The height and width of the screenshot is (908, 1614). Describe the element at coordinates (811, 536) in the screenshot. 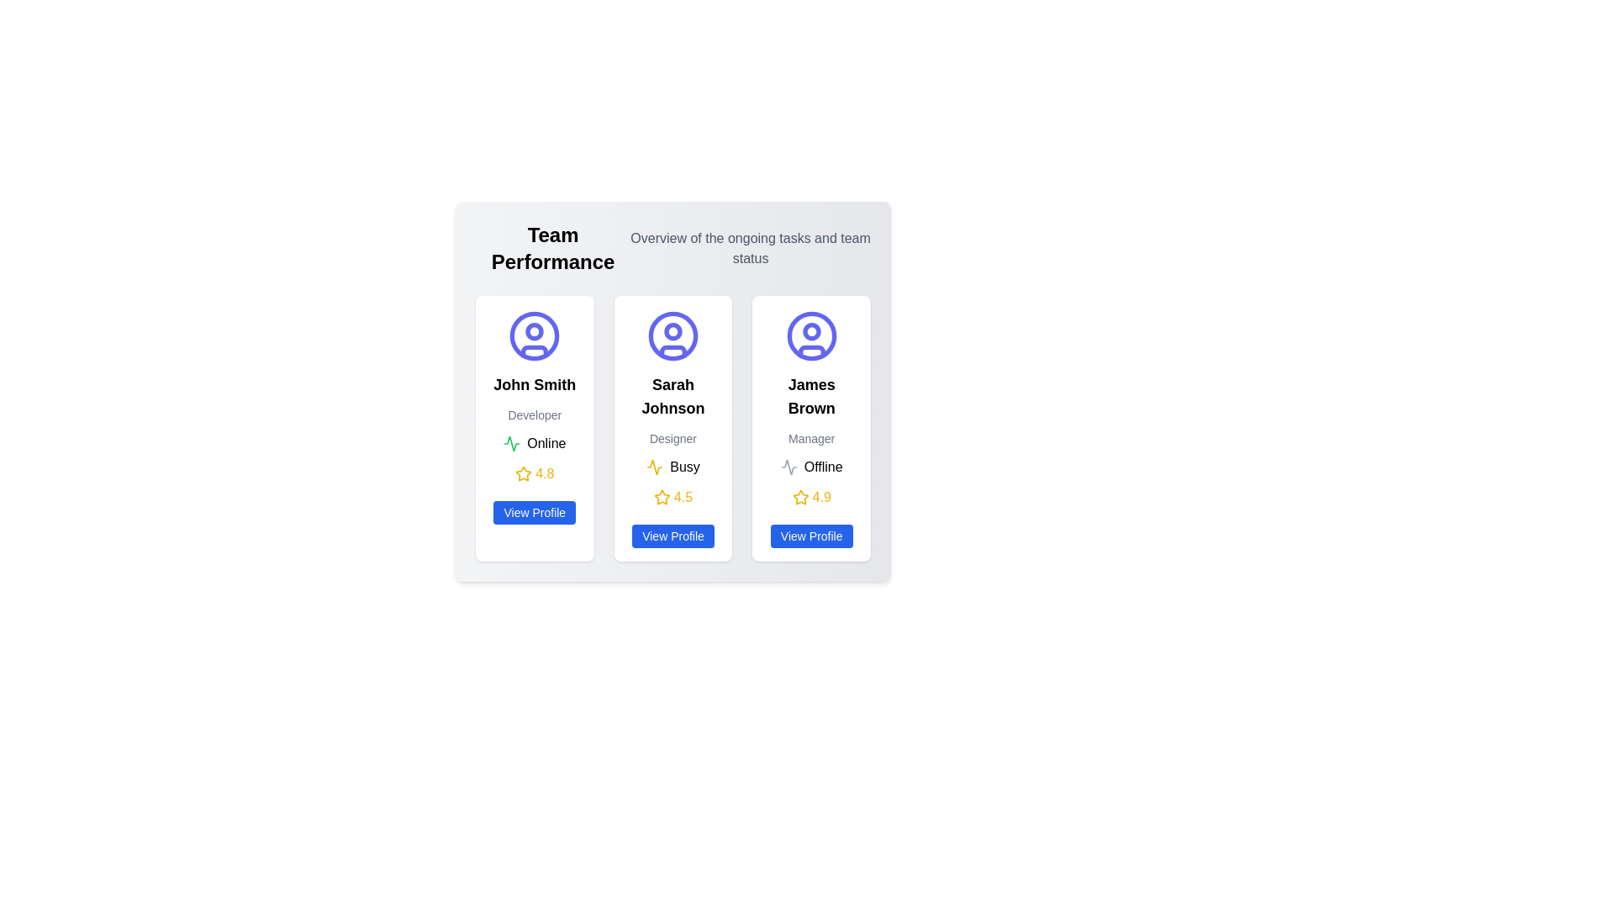

I see `the 'View Profile' button, which is a rounded rectangular button with white text on a blue background, located at the bottom of the card for 'James Brown'` at that location.